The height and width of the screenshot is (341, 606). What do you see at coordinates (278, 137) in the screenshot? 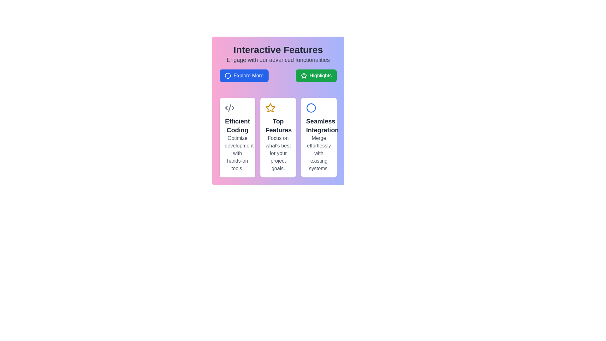
I see `the Information Card, which is the second card in a horizontally arranged grid of three features` at bounding box center [278, 137].